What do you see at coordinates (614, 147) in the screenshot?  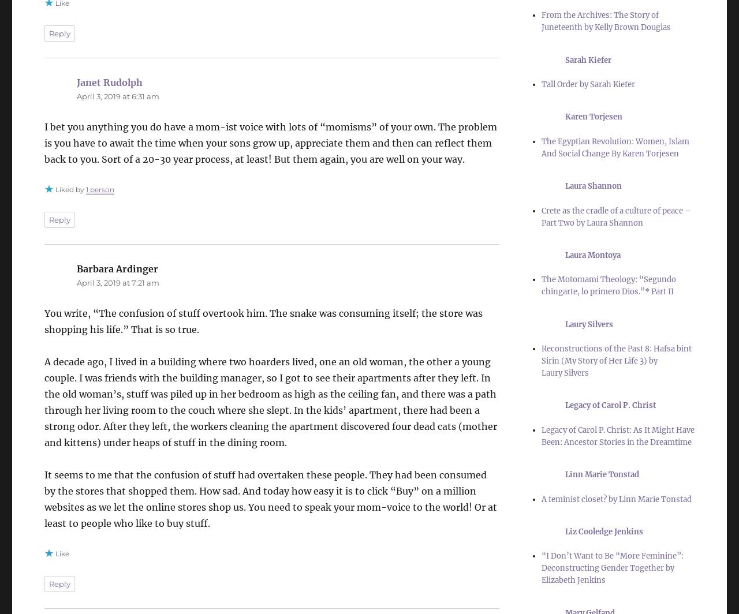 I see `'The Egyptian Revolution: Women, Islam And Social Change By Karen Torjesen'` at bounding box center [614, 147].